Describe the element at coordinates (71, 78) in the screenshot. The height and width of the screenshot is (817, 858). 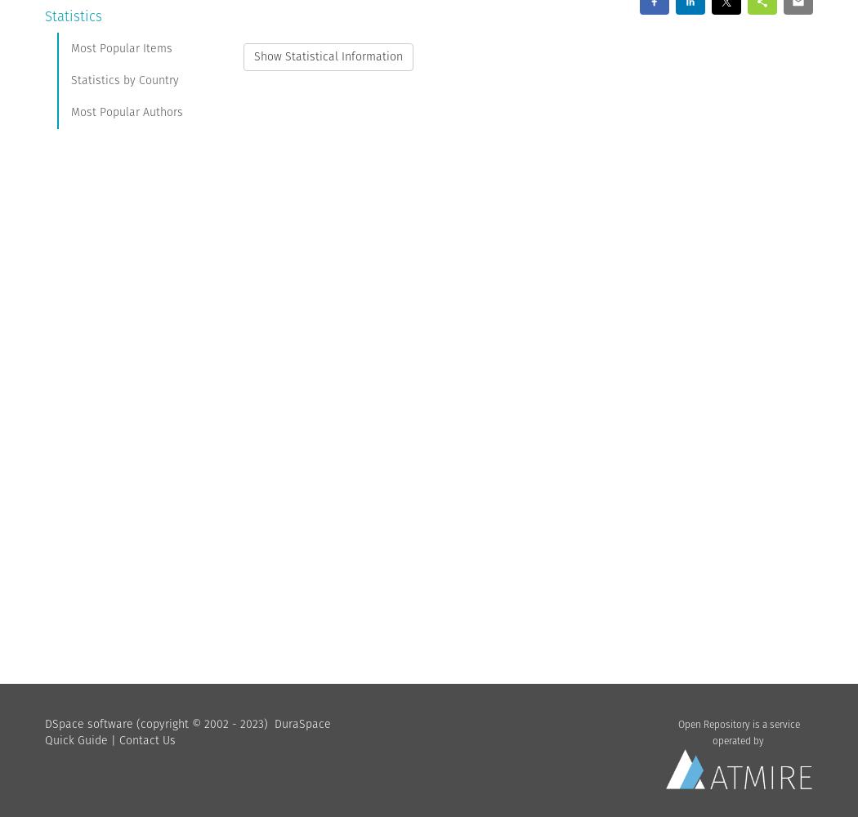
I see `'Statistics by Country'` at that location.